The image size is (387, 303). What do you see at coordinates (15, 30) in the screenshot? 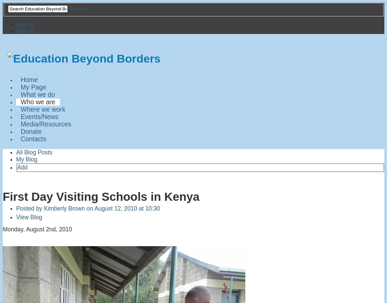
I see `'Sign In'` at bounding box center [15, 30].